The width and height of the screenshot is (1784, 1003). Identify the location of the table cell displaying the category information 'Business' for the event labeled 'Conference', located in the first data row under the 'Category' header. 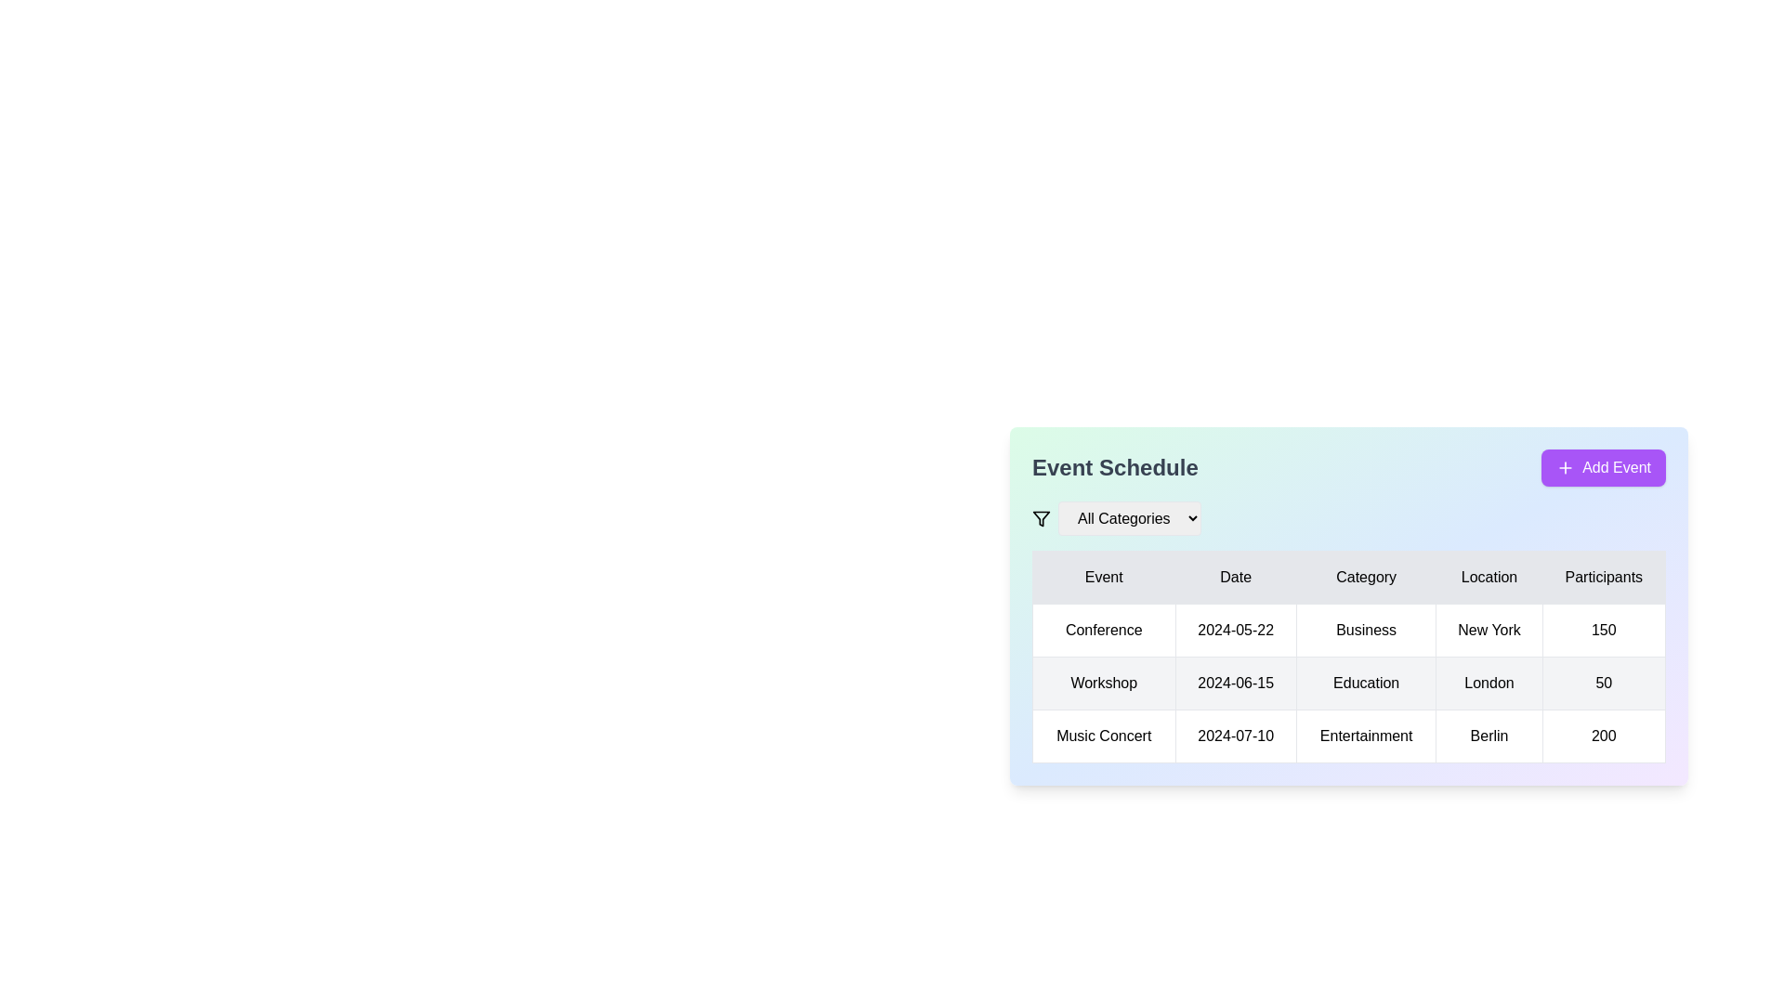
(1348, 637).